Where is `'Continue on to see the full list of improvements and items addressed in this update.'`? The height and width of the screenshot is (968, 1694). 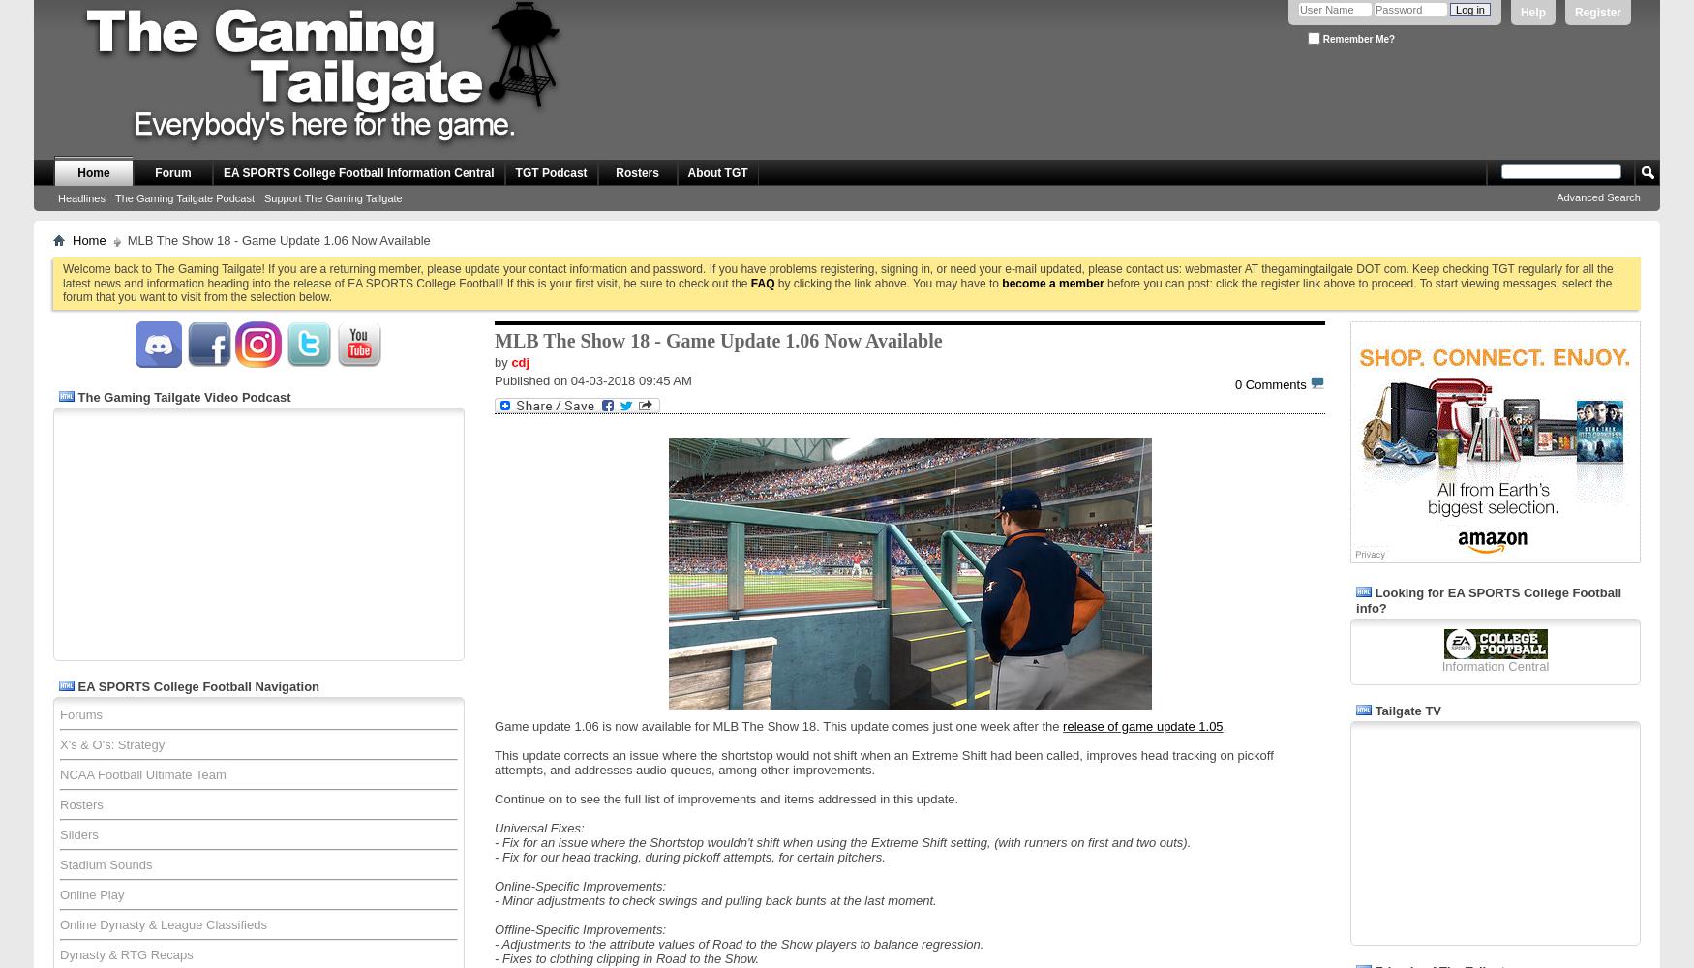 'Continue on to see the full list of improvements and items addressed in this update.' is located at coordinates (726, 797).